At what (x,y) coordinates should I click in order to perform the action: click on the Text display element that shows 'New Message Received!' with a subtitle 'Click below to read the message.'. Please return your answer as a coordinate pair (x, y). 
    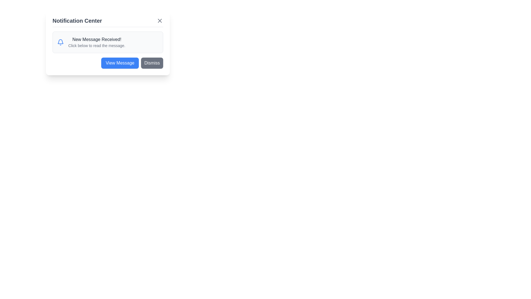
    Looking at the image, I should click on (97, 42).